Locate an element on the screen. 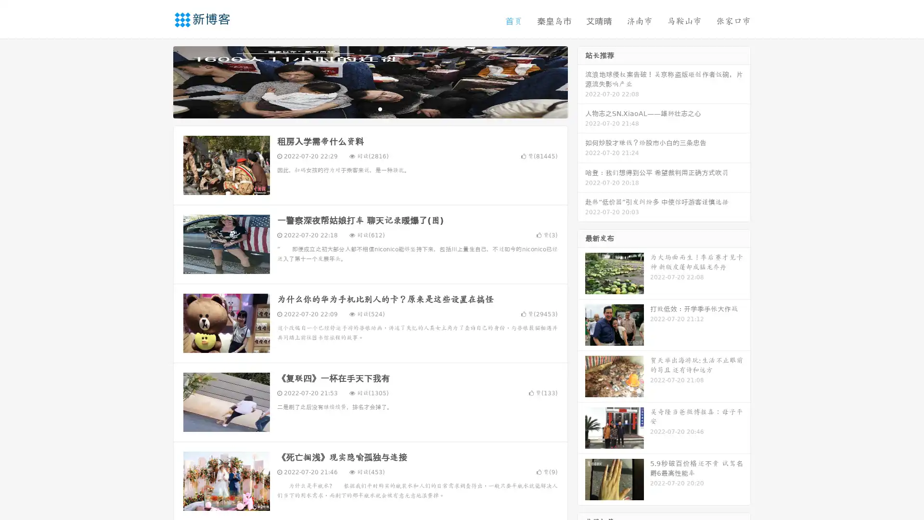 The image size is (924, 520). Next slide is located at coordinates (581, 81).